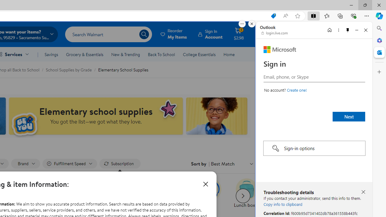 This screenshot has width=386, height=217. Describe the element at coordinates (274, 33) in the screenshot. I see `'login.live.com'` at that location.